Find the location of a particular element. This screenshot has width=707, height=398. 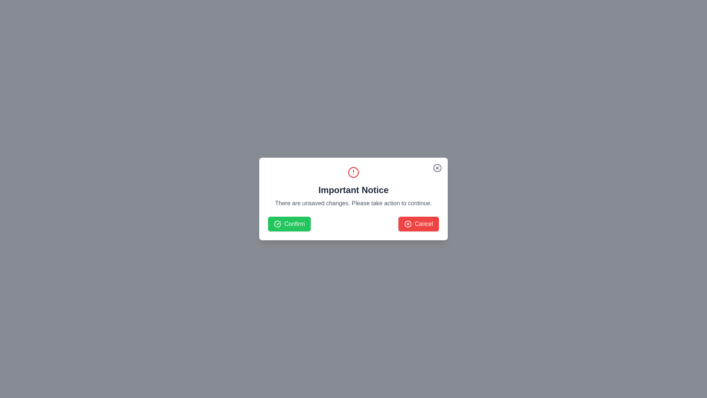

the text box displaying critical information, which is centrally located in the modal dialog box and positioned below the warning icon is located at coordinates (353, 187).